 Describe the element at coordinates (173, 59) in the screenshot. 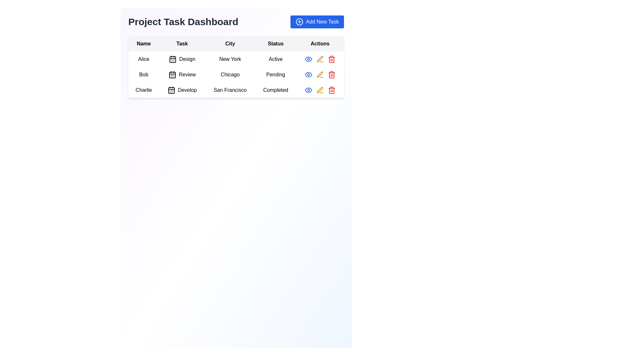

I see `the calendar icon located in the 'Task' column, first row of the table associated with the 'Design' task entry` at that location.